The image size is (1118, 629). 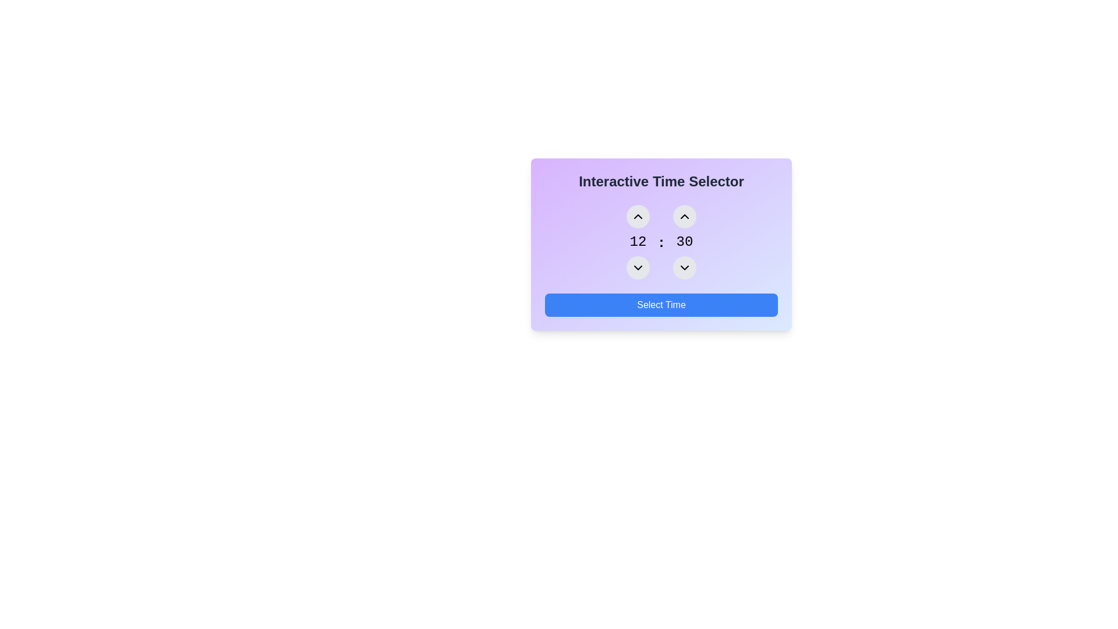 I want to click on the colon Text element that separates hours and minutes in the time selector interface, positioned between the numeric values 12 and 30, so click(x=661, y=242).